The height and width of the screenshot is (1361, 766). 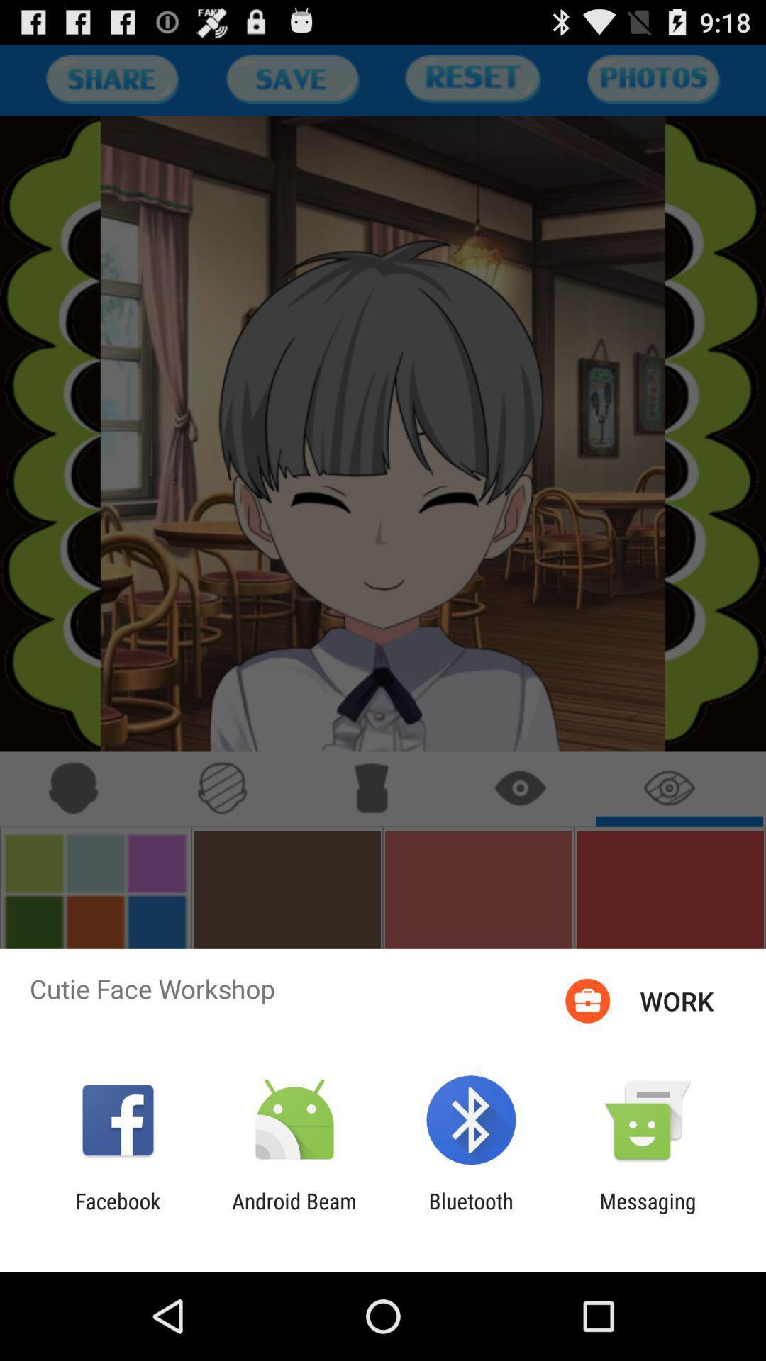 I want to click on the icon next to the bluetooth icon, so click(x=648, y=1213).